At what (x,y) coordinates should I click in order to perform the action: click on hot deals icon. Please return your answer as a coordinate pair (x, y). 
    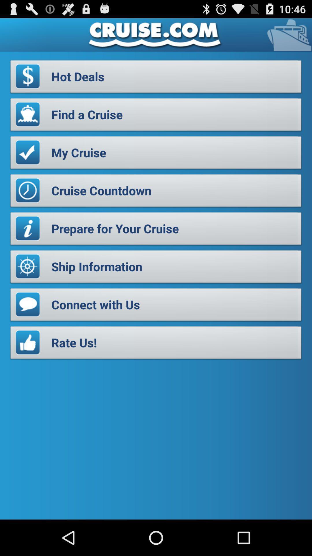
    Looking at the image, I should click on (156, 78).